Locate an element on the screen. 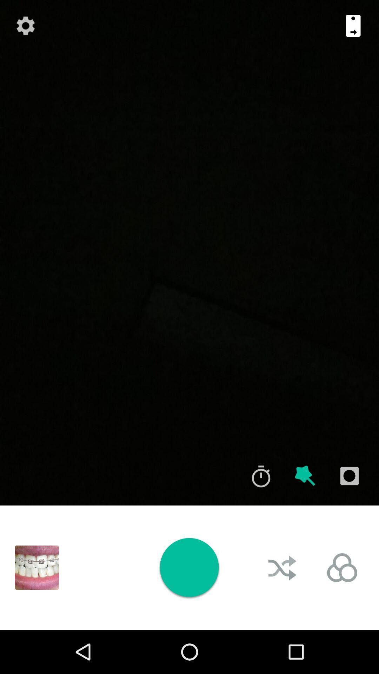 This screenshot has width=379, height=674. settings is located at coordinates (25, 26).